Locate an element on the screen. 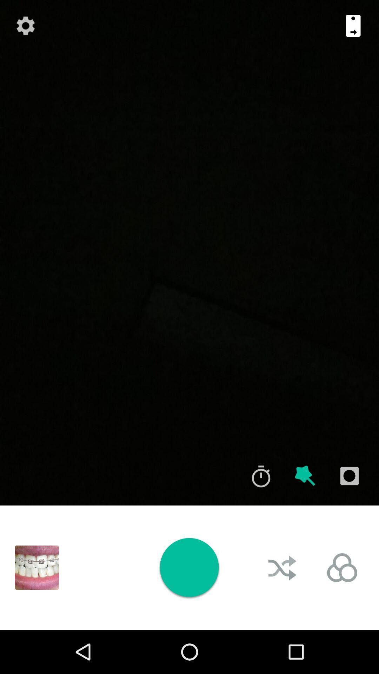 This screenshot has width=379, height=674. settings is located at coordinates (25, 26).